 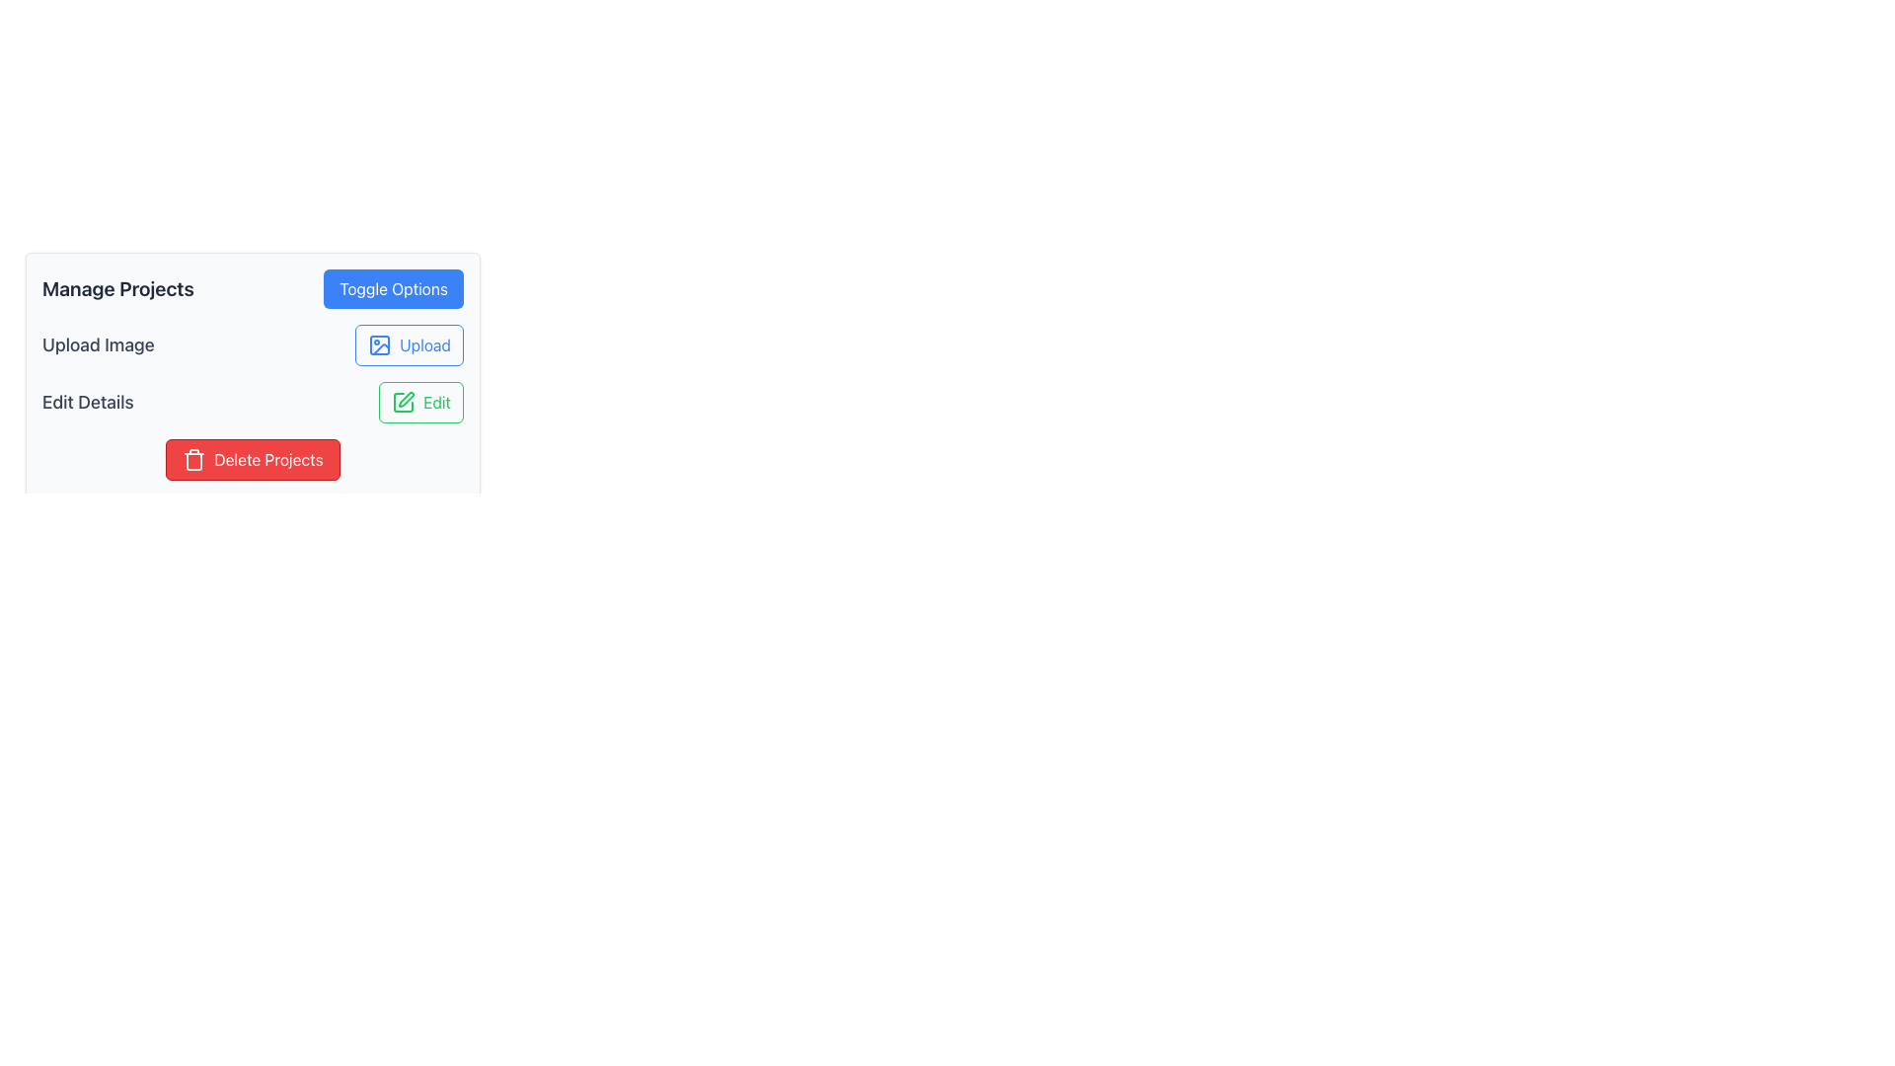 What do you see at coordinates (393, 289) in the screenshot?
I see `the button located to the right of the 'Manage Projects' text` at bounding box center [393, 289].